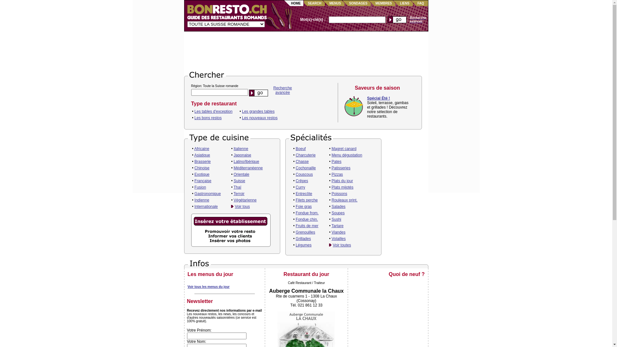 This screenshot has width=617, height=347. I want to click on 'Viandes', so click(338, 232).